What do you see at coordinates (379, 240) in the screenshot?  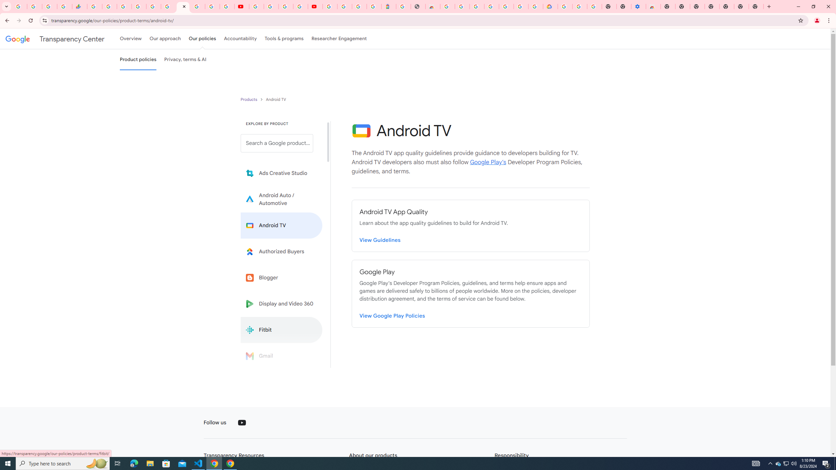 I see `'View Guidelines'` at bounding box center [379, 240].